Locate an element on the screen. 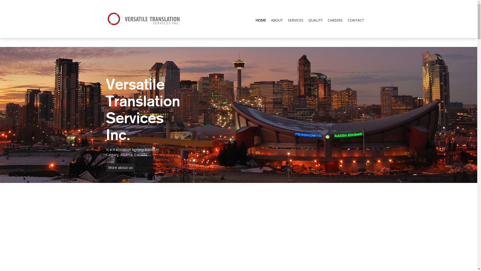 This screenshot has height=271, width=481. 'More about us' is located at coordinates (120, 167).